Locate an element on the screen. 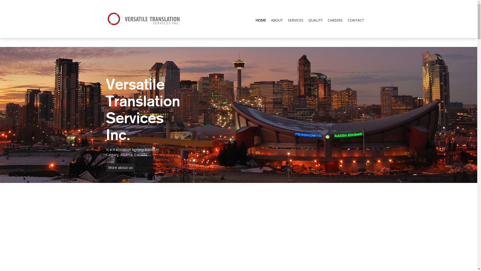 This screenshot has height=271, width=481. 'More about us' is located at coordinates (120, 167).